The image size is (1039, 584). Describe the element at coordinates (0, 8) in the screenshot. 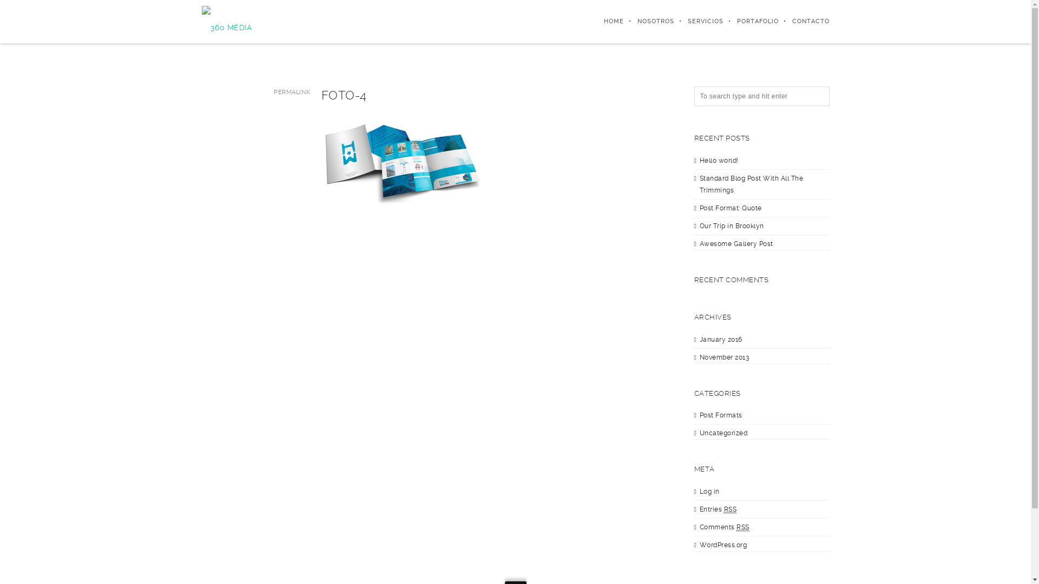

I see `'Search'` at that location.